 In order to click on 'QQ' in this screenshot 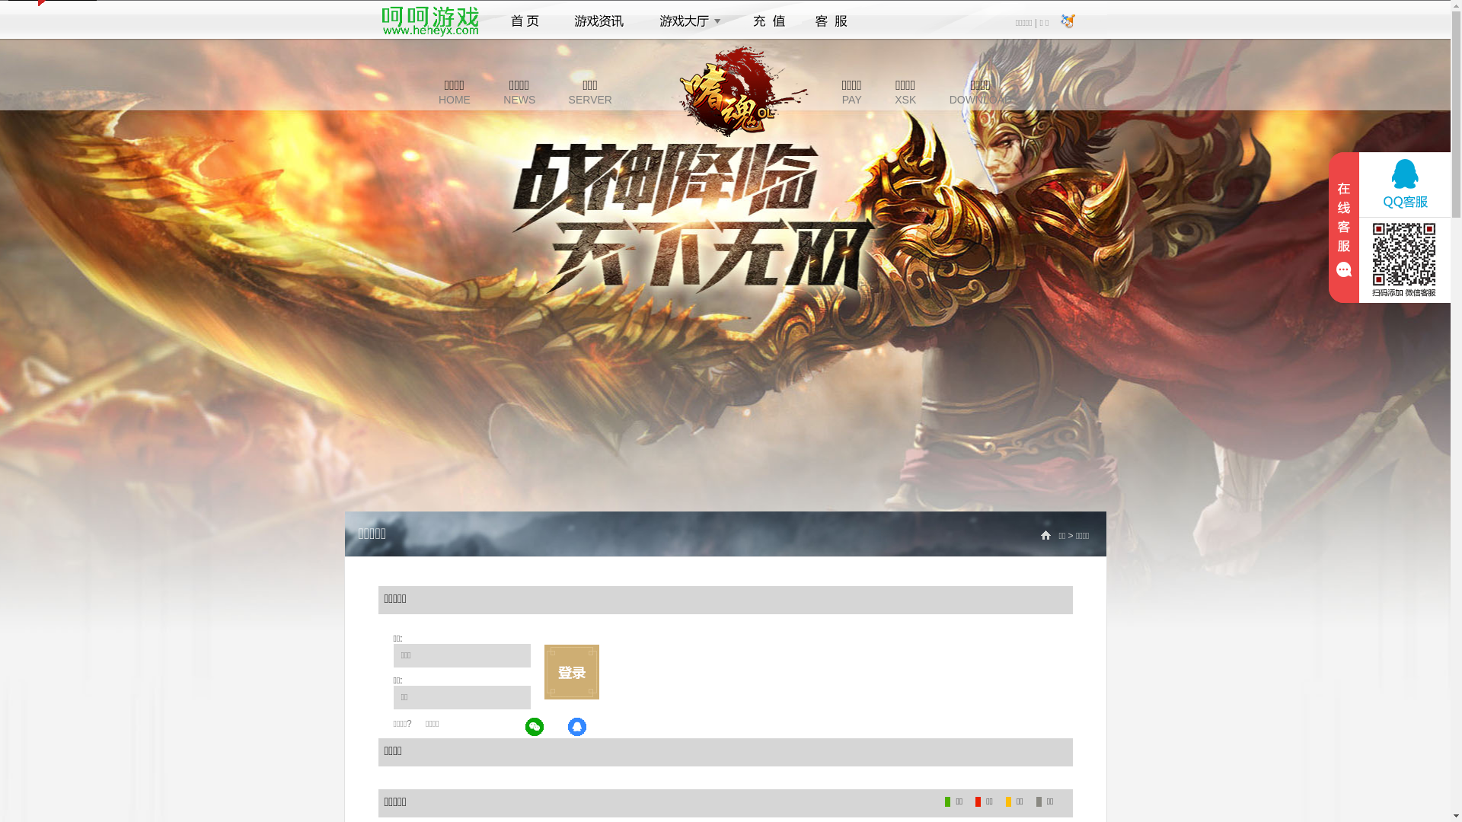, I will do `click(576, 727)`.